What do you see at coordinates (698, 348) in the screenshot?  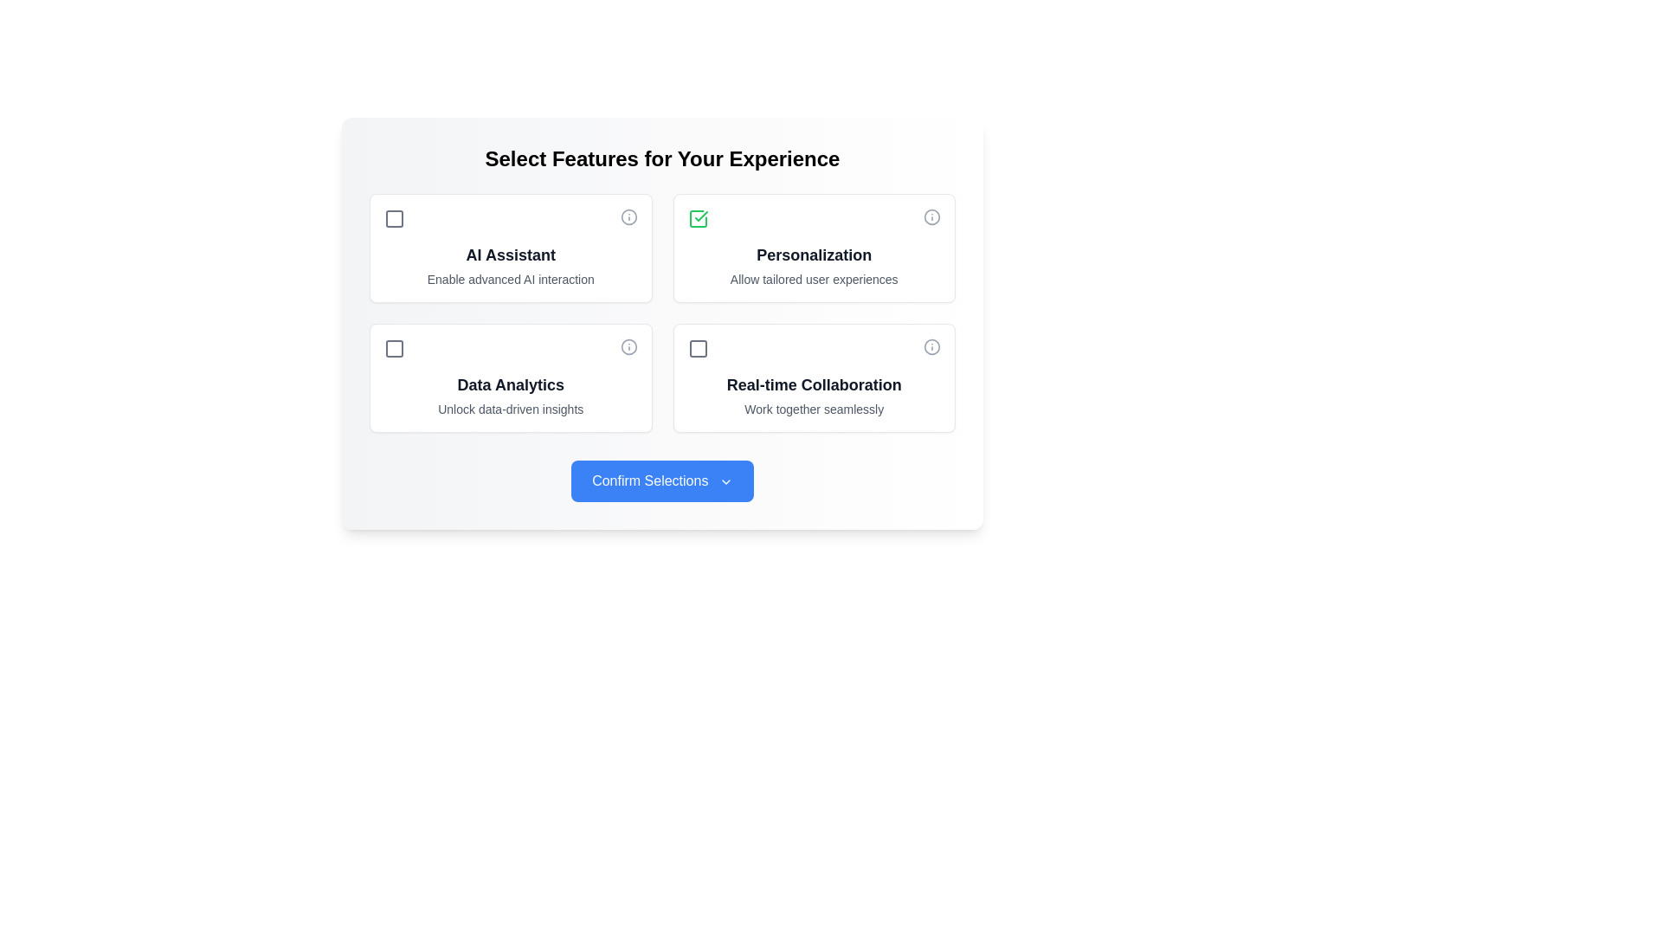 I see `the small rounded rectangle element within the 'Real-time Collaboration' option in the Select Features section` at bounding box center [698, 348].